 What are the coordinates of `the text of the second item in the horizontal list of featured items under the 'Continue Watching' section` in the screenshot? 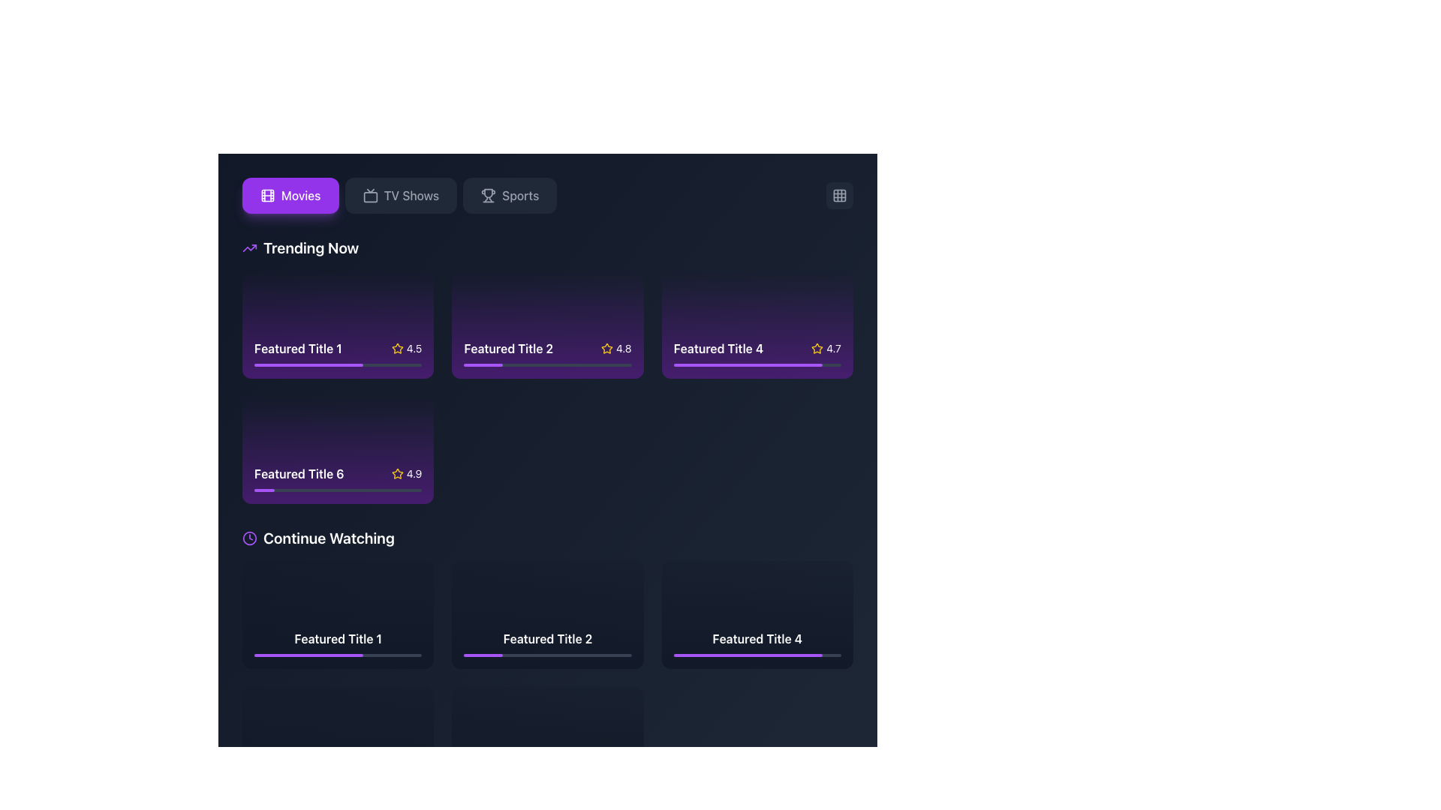 It's located at (546, 642).